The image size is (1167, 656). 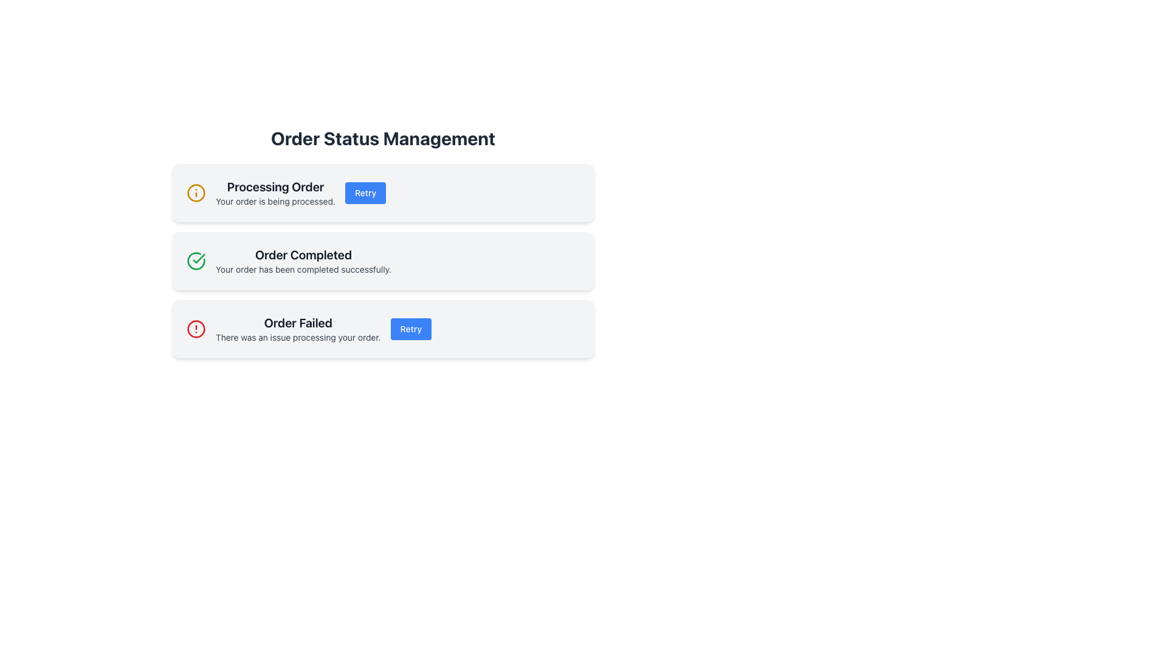 What do you see at coordinates (298, 329) in the screenshot?
I see `the status message displayed in the last status card of the 'Order Status Management' section, located below the 'Order Completed' status and to the left of the 'Retry' button` at bounding box center [298, 329].